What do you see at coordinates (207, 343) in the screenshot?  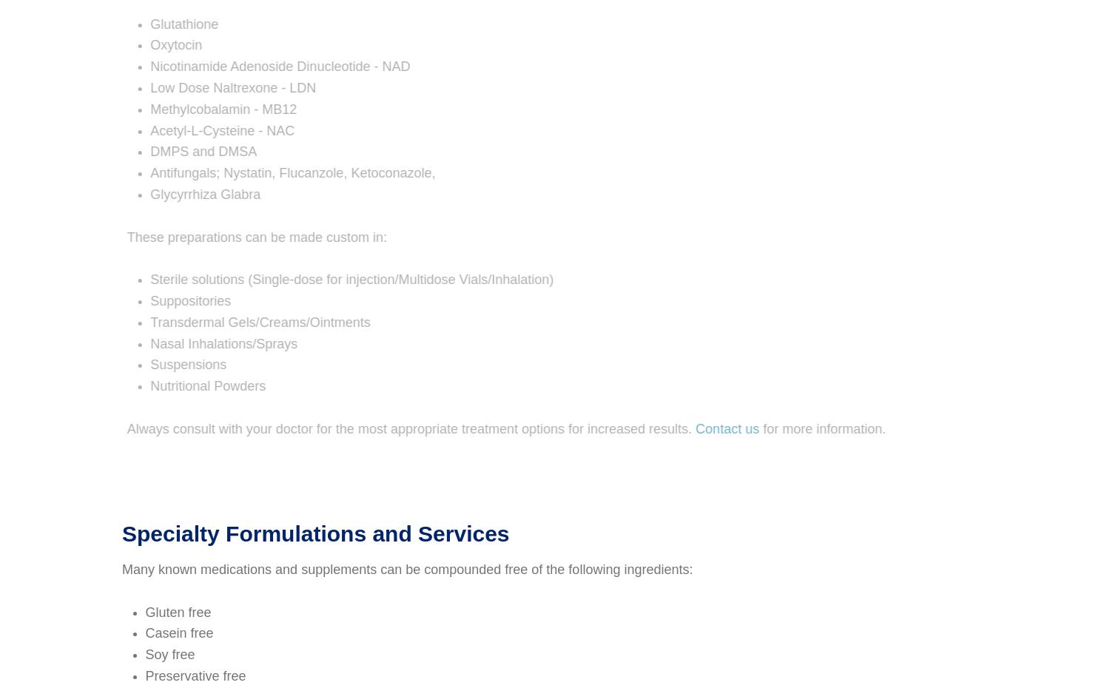 I see `'Nasal Inhalations/Sprays'` at bounding box center [207, 343].